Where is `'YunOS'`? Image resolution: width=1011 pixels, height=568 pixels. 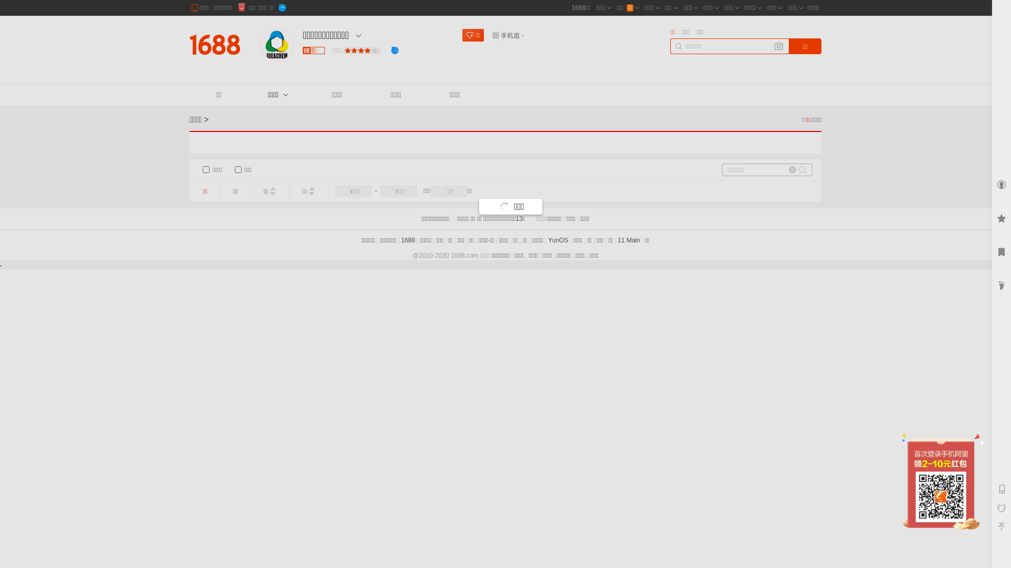
'YunOS' is located at coordinates (558, 240).